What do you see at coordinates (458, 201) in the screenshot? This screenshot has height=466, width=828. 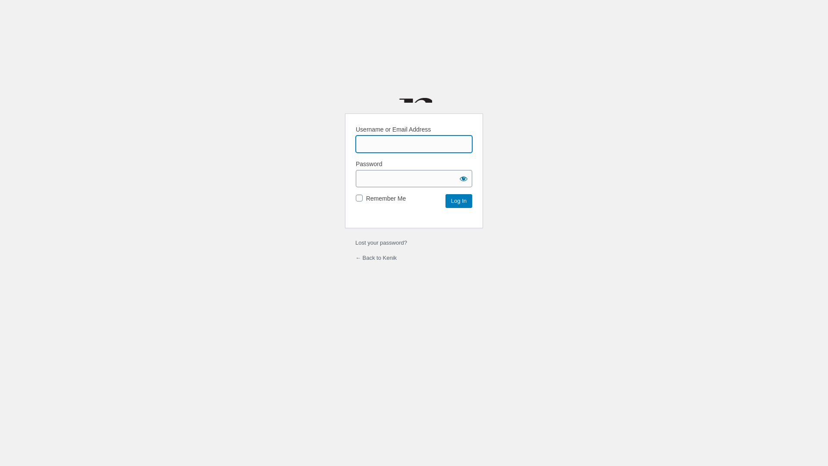 I see `'Log In'` at bounding box center [458, 201].